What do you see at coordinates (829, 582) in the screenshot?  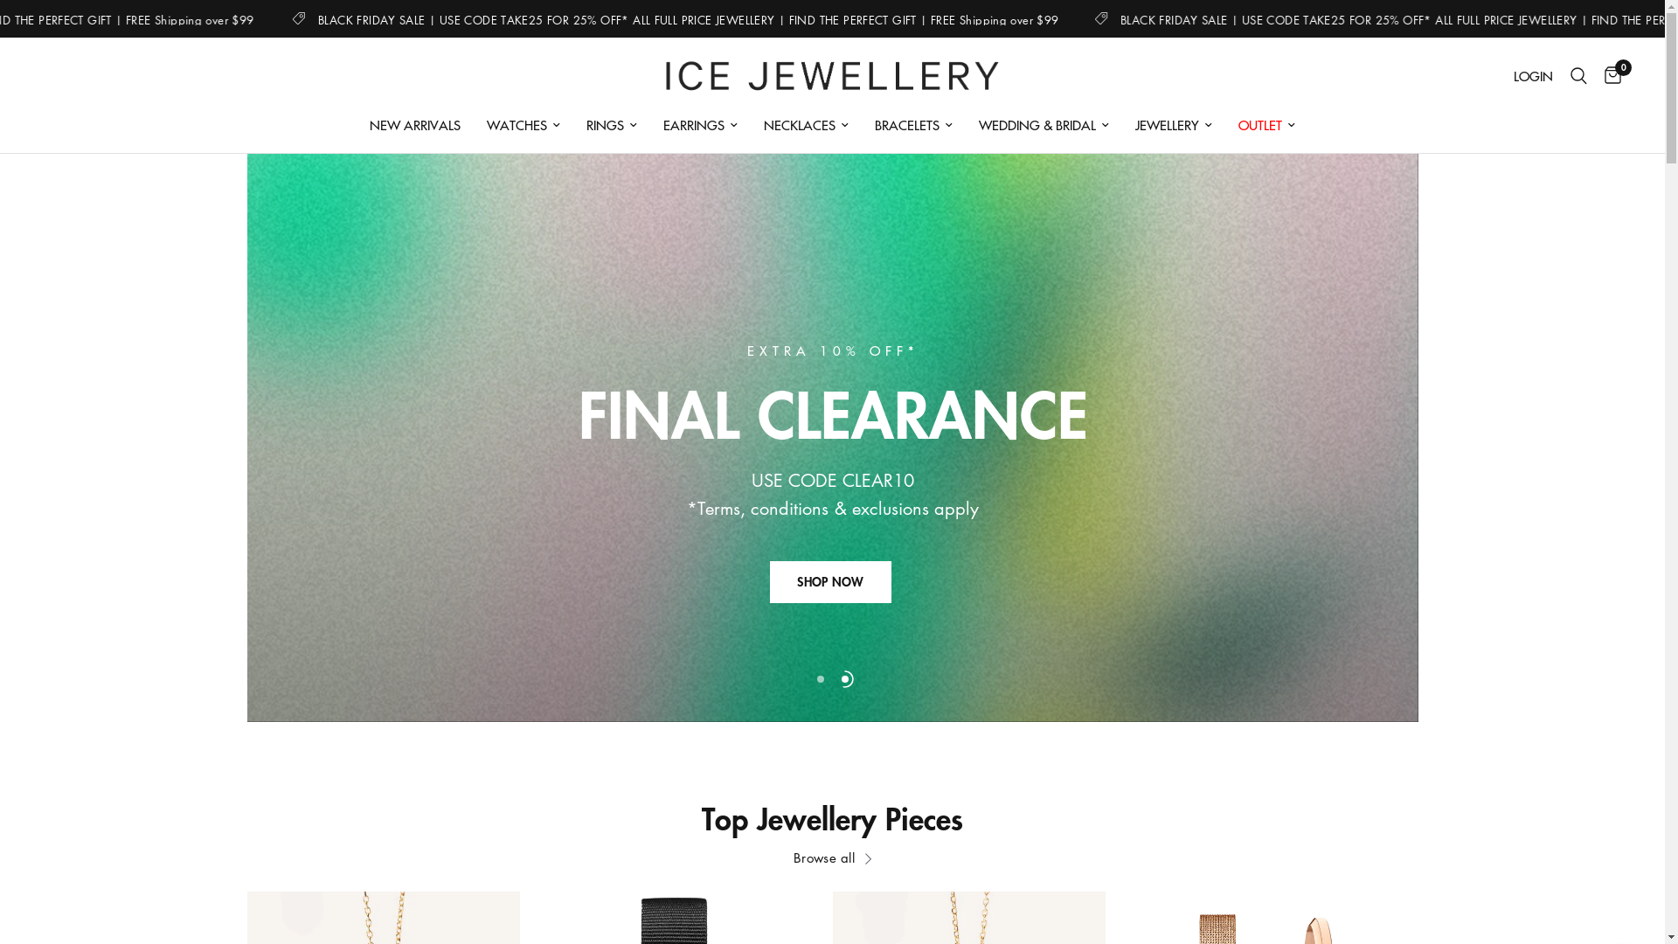 I see `'SHOP NOW'` at bounding box center [829, 582].